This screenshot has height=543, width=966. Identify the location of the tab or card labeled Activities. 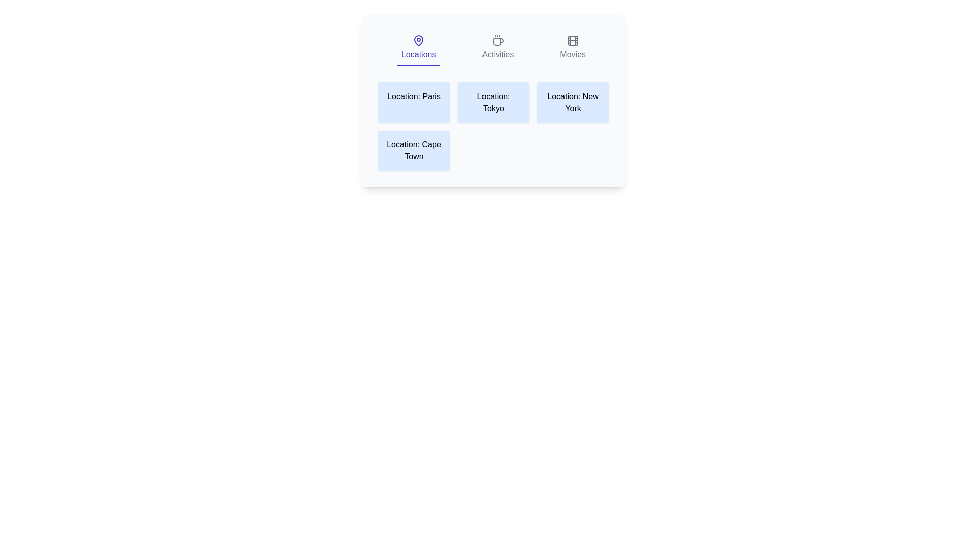
(498, 48).